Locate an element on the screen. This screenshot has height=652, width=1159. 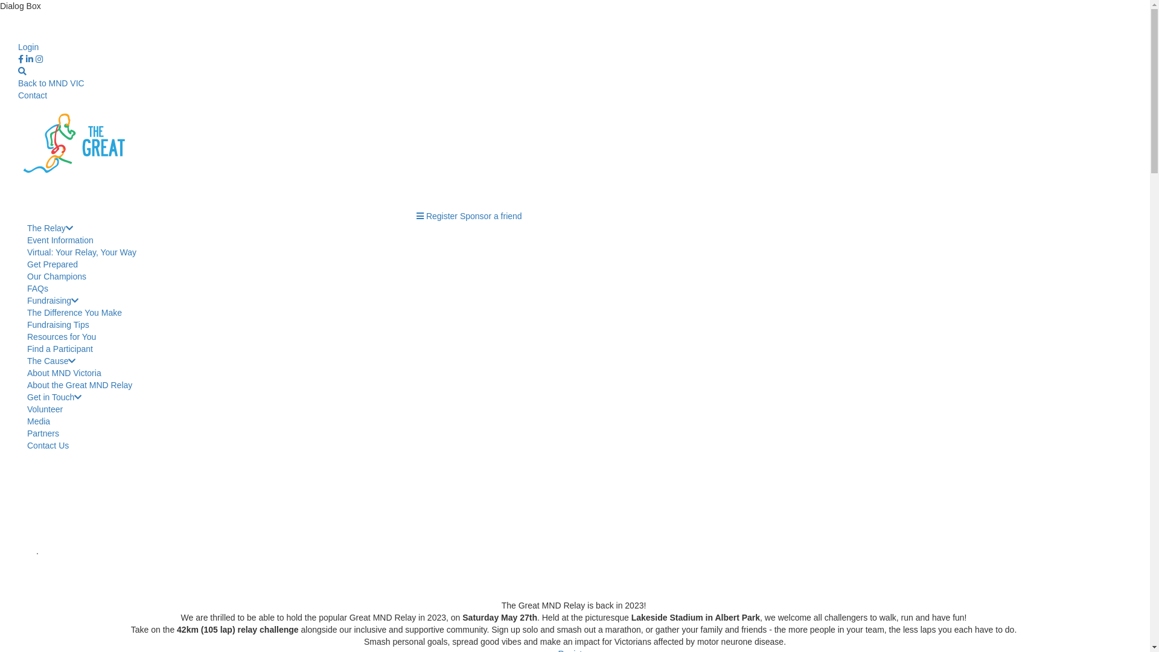
'Volunteer' is located at coordinates (45, 409).